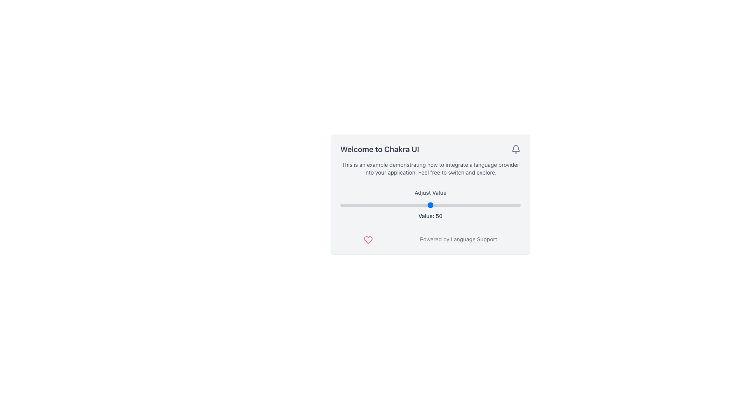 The height and width of the screenshot is (419, 746). I want to click on the slider value, so click(455, 204).